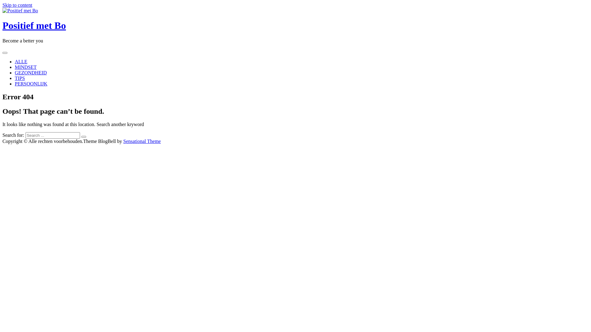 This screenshot has height=332, width=591. What do you see at coordinates (34, 25) in the screenshot?
I see `'Positief met Bo'` at bounding box center [34, 25].